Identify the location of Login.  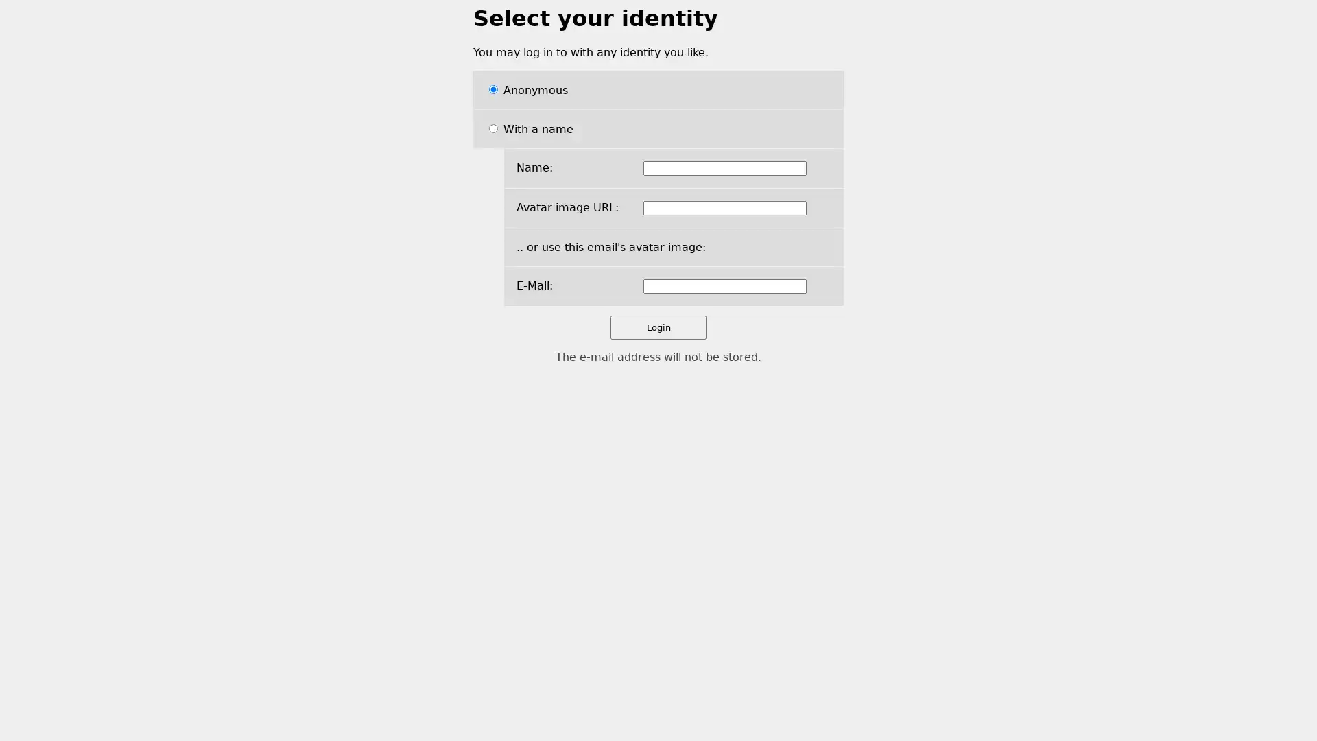
(658, 327).